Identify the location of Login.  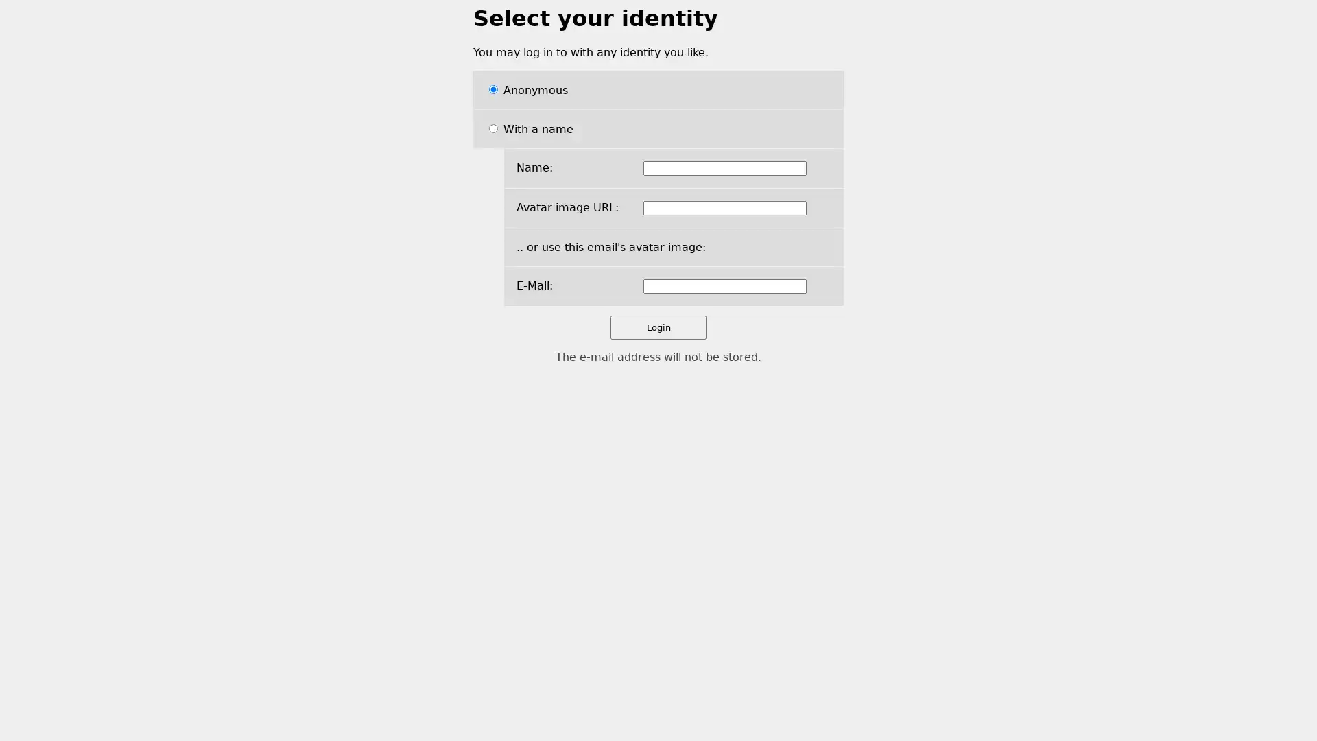
(658, 327).